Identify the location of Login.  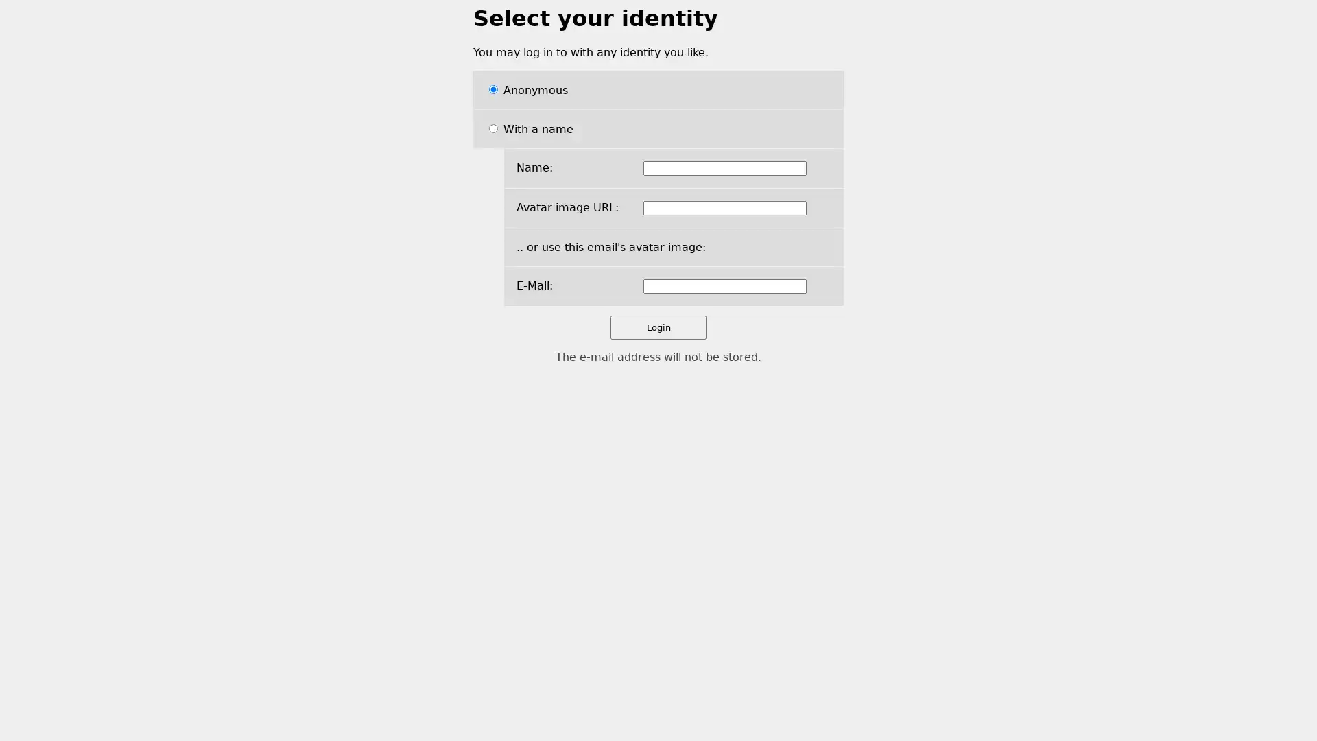
(658, 327).